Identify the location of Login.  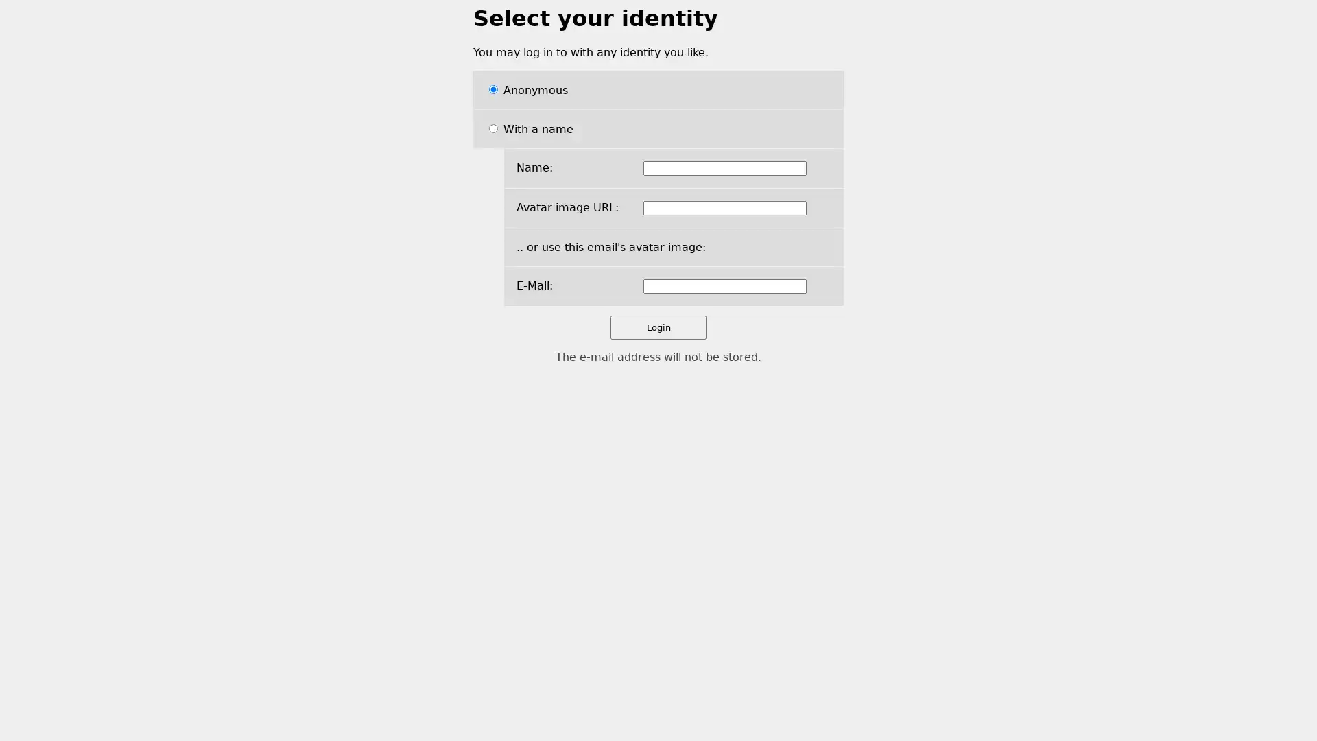
(658, 327).